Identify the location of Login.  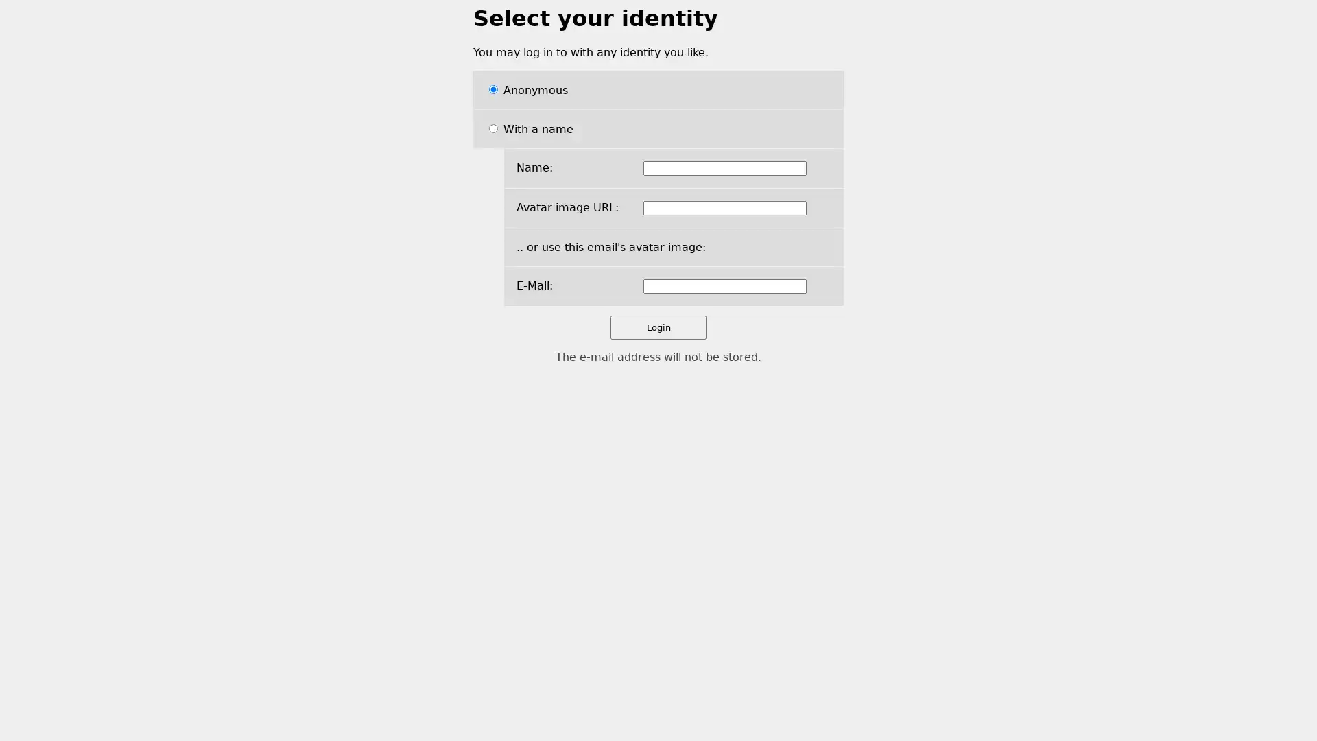
(658, 327).